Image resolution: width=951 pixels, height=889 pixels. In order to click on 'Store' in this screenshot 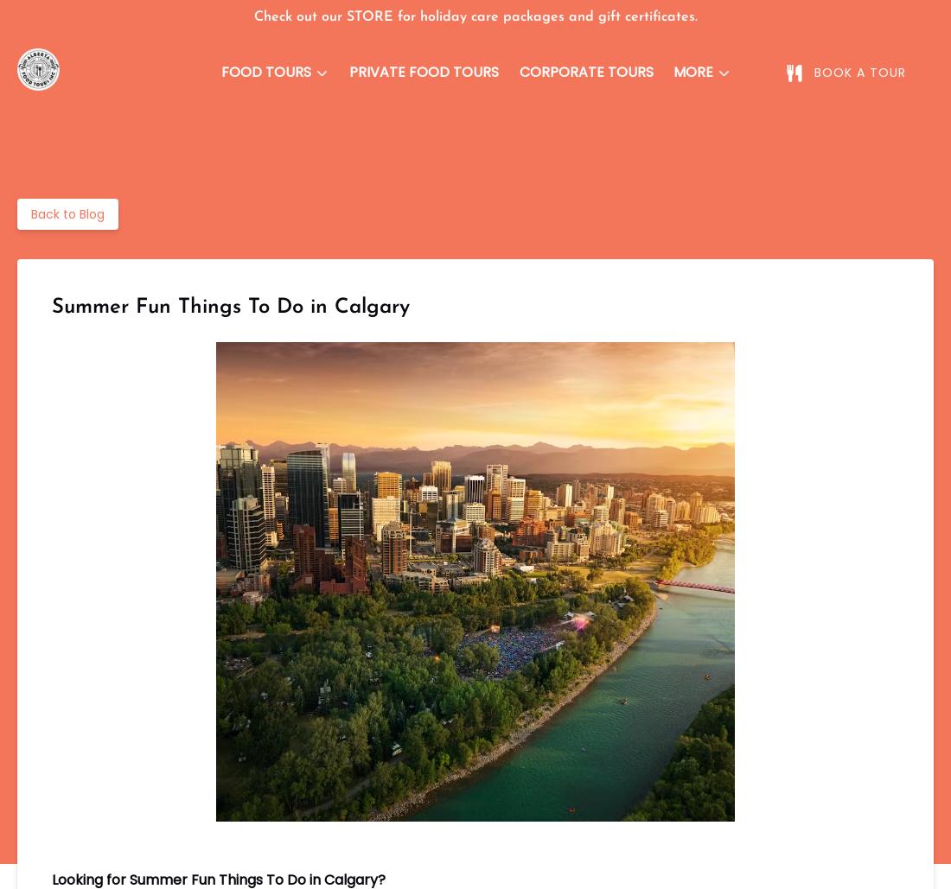, I will do `click(704, 151)`.